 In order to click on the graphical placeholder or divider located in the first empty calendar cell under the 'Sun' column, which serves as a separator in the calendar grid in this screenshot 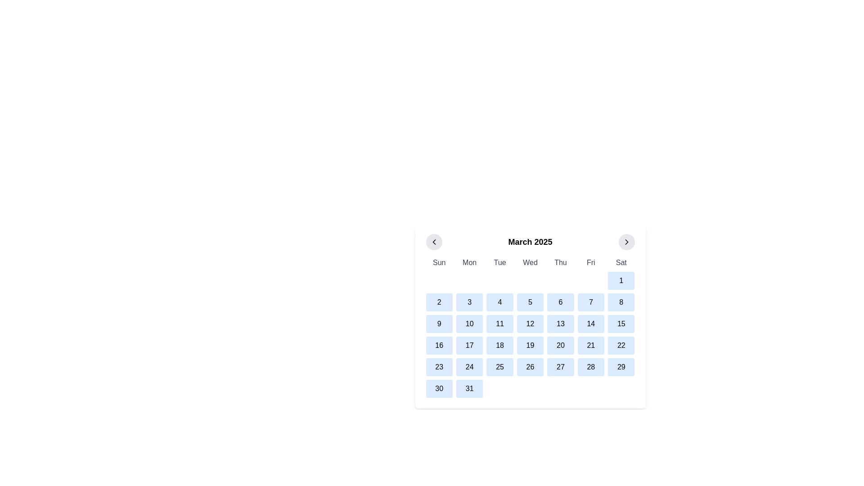, I will do `click(439, 280)`.